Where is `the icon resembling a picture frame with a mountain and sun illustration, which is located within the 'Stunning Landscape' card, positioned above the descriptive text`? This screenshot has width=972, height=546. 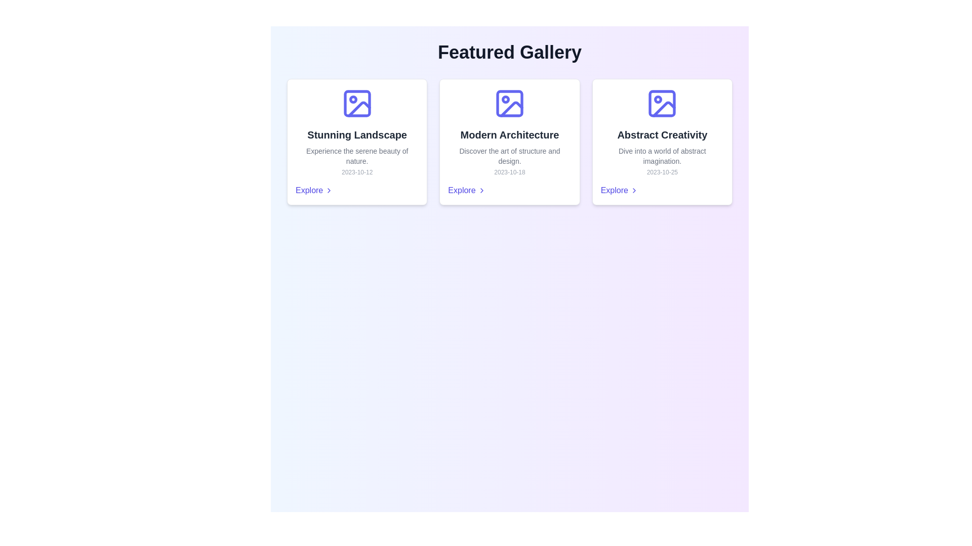
the icon resembling a picture frame with a mountain and sun illustration, which is located within the 'Stunning Landscape' card, positioned above the descriptive text is located at coordinates (357, 103).